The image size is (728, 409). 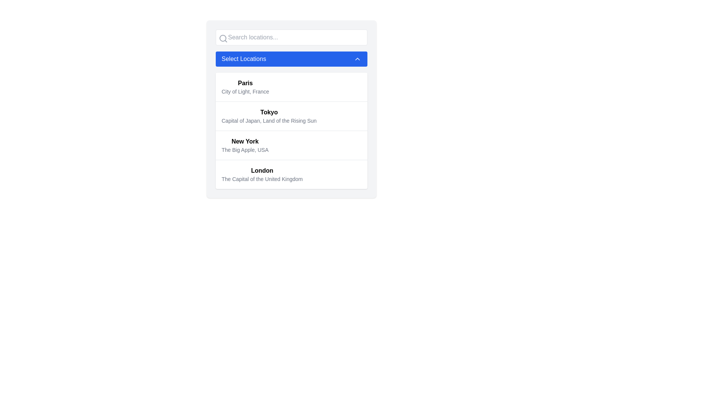 I want to click on the toggle icon button on the right edge of the 'Select Locations' section, so click(x=357, y=58).